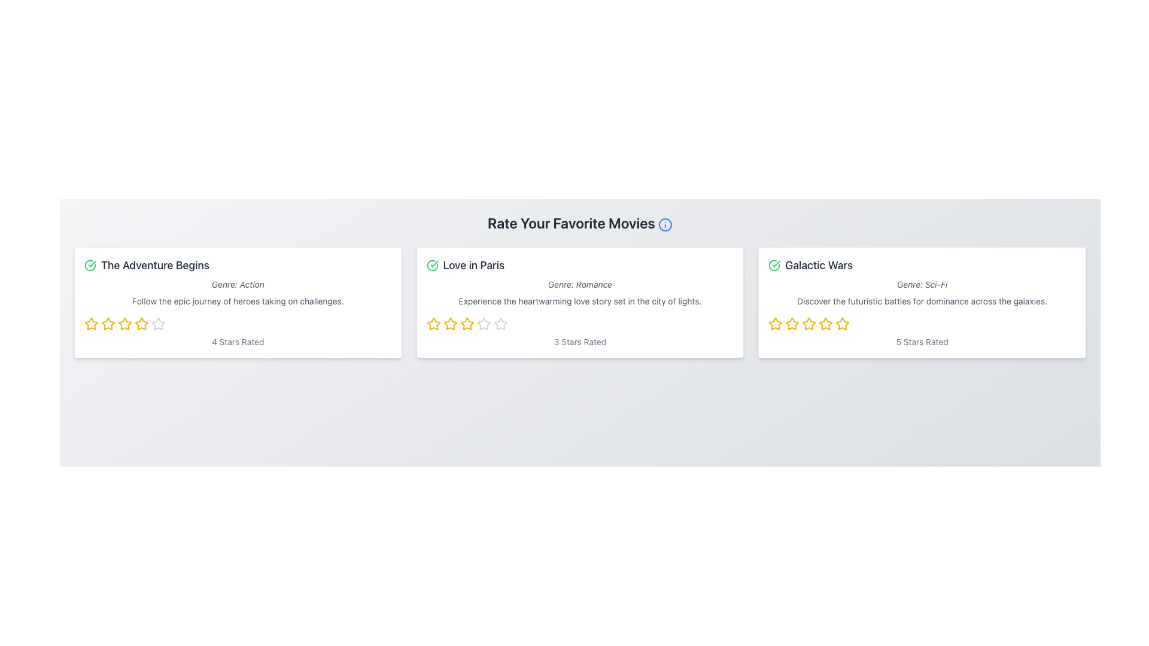 This screenshot has width=1149, height=646. Describe the element at coordinates (842, 324) in the screenshot. I see `the fifth star icon in the rating component for 'Galactic Wars' located in the 'Rate Your Favorite Movies' section` at that location.